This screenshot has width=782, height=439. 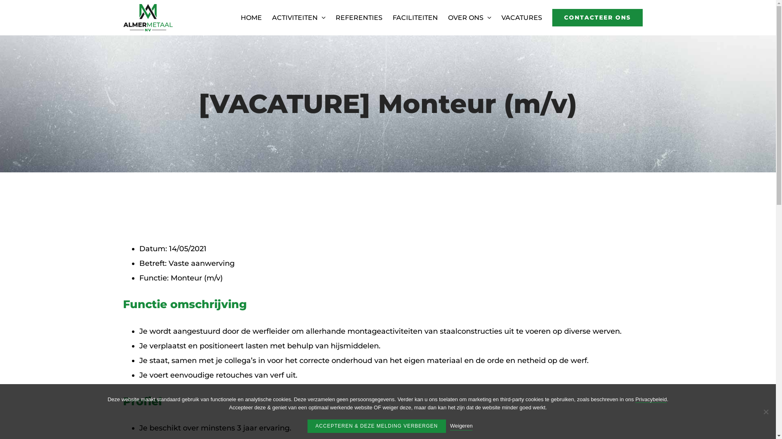 What do you see at coordinates (461, 426) in the screenshot?
I see `'Weigeren'` at bounding box center [461, 426].